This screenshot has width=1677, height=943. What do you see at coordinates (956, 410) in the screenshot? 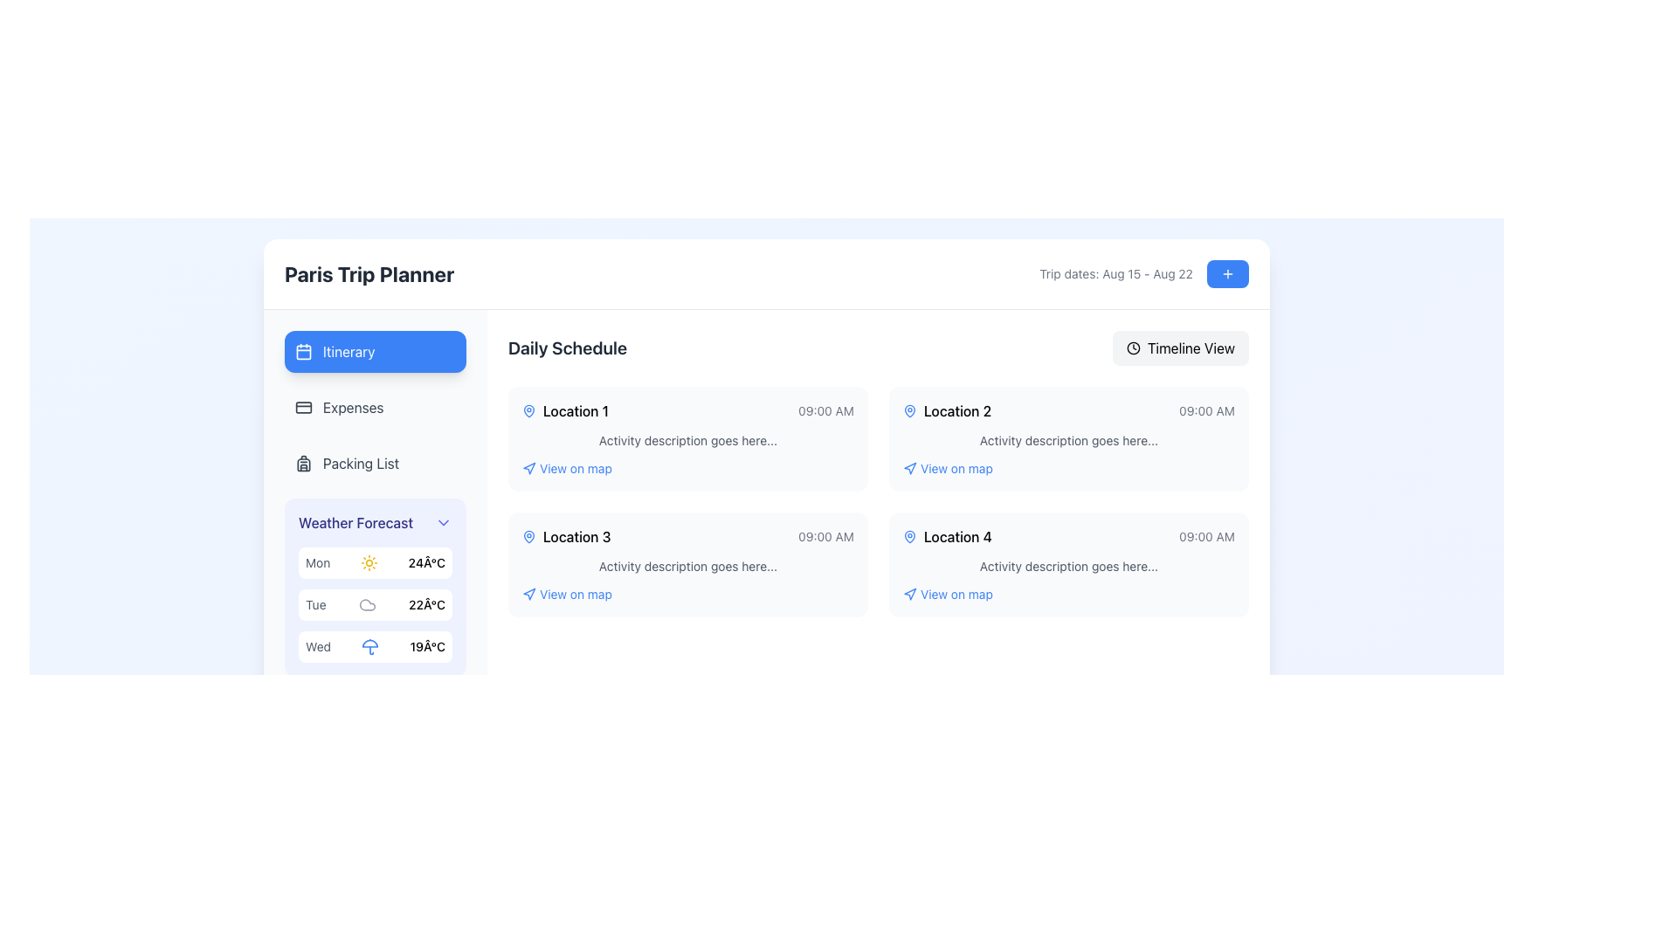
I see `the Text label indicating a location within the Daily Schedule section, positioned in the top-right portion of the schedule grid` at bounding box center [956, 410].